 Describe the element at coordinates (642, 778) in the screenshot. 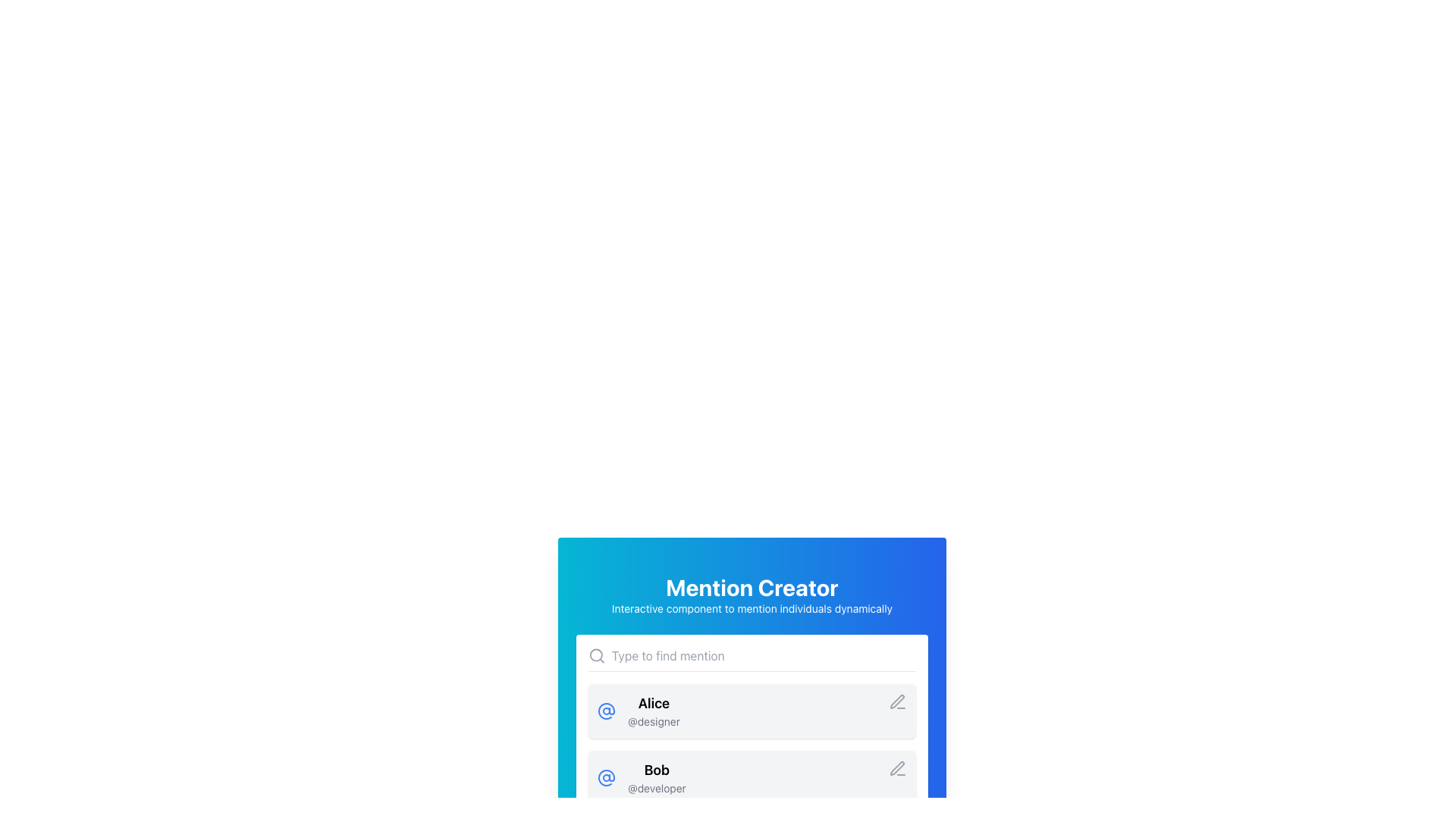

I see `to select the user profile represented by the second list item with text and icon, located below the entry for 'Alice'` at that location.